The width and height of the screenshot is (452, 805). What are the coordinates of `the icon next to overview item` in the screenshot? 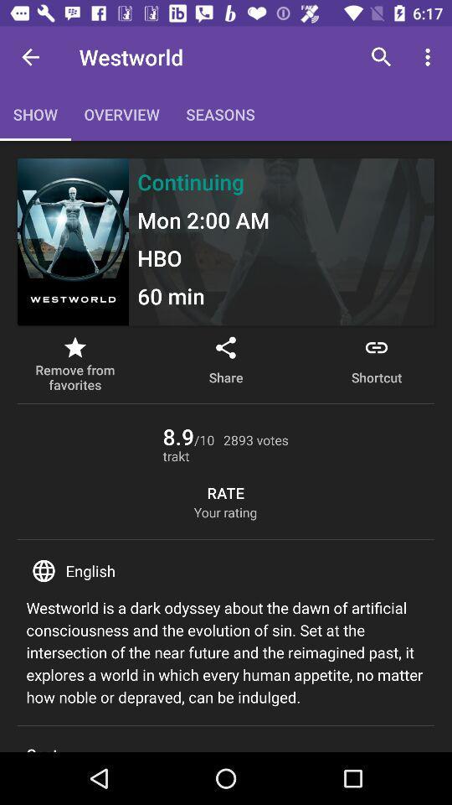 It's located at (30, 57).